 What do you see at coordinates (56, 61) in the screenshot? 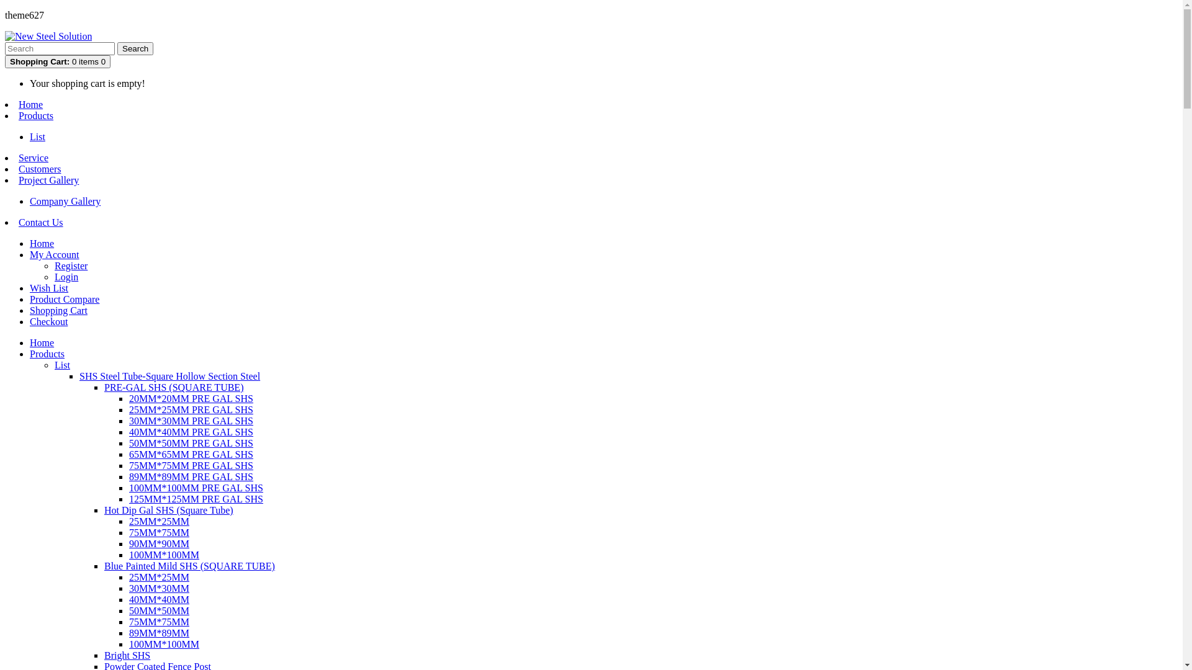
I see `'Shopping Cart: 0 items 0'` at bounding box center [56, 61].